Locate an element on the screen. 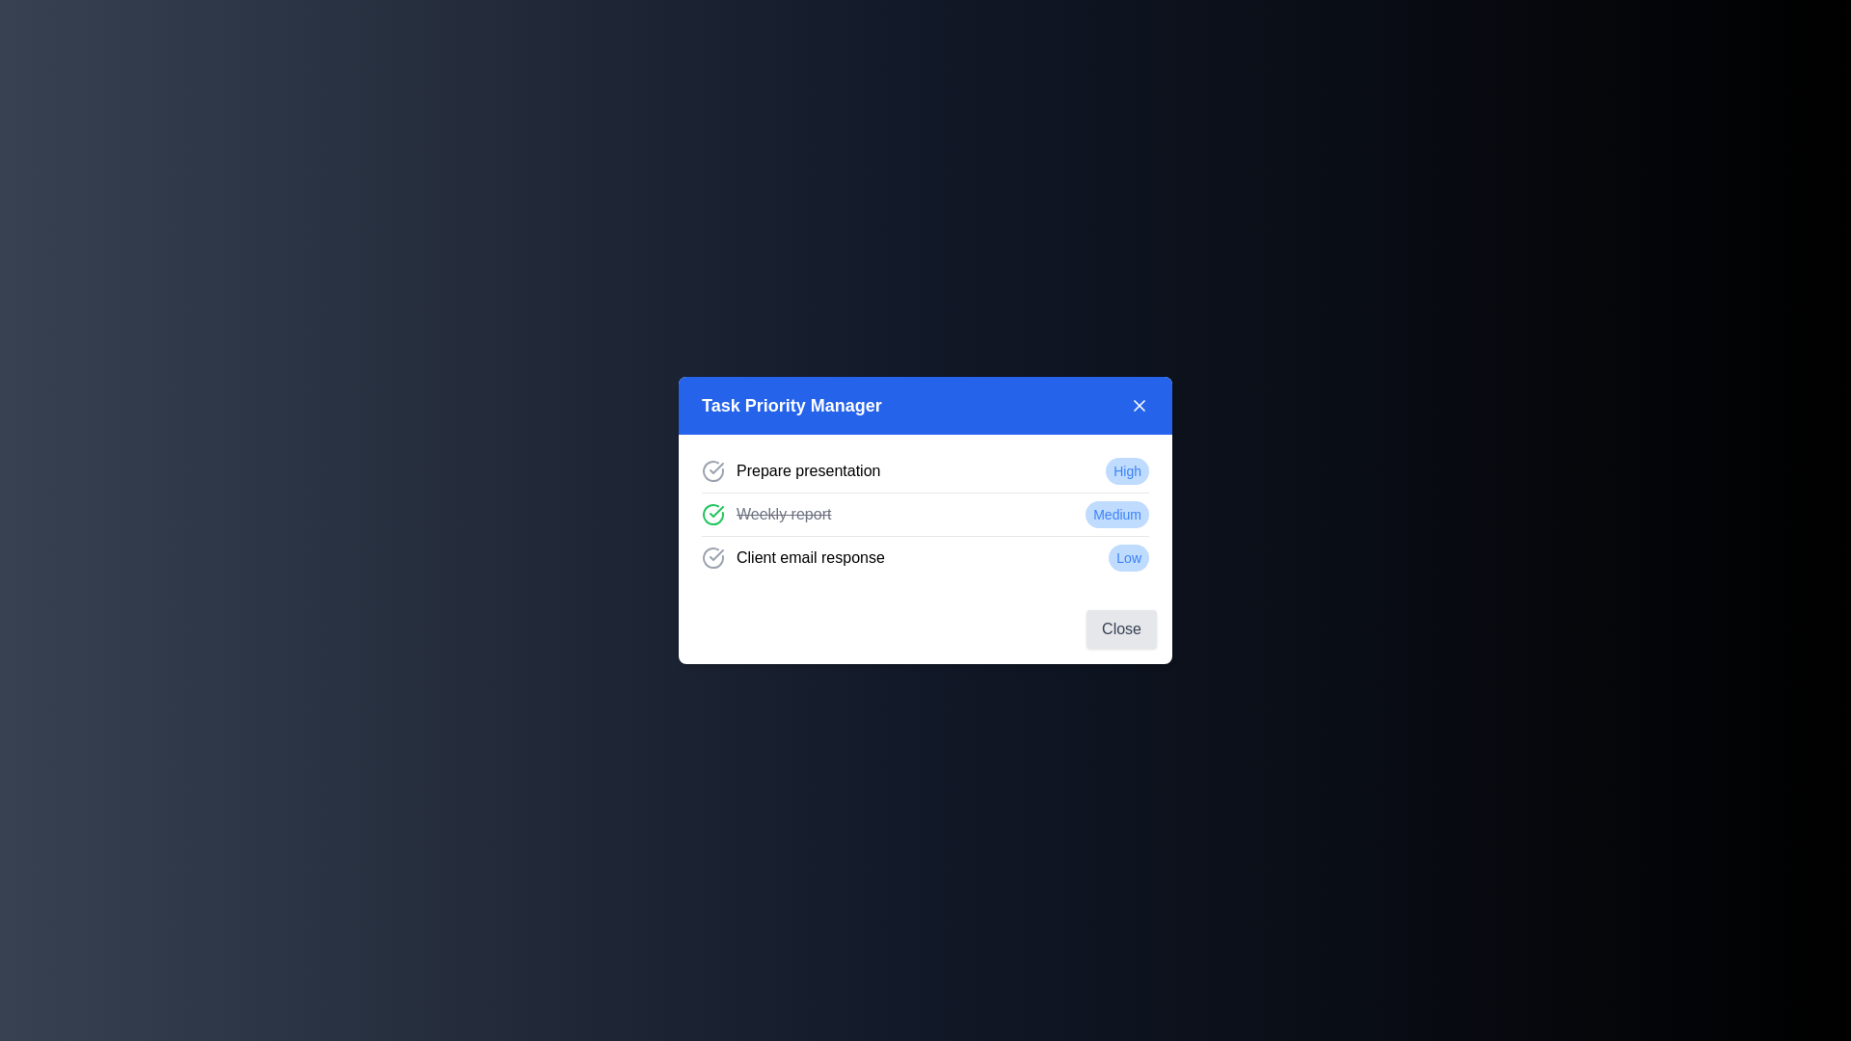 The height and width of the screenshot is (1041, 1851). the text label displaying 'Prepare presentation' is located at coordinates (808, 471).